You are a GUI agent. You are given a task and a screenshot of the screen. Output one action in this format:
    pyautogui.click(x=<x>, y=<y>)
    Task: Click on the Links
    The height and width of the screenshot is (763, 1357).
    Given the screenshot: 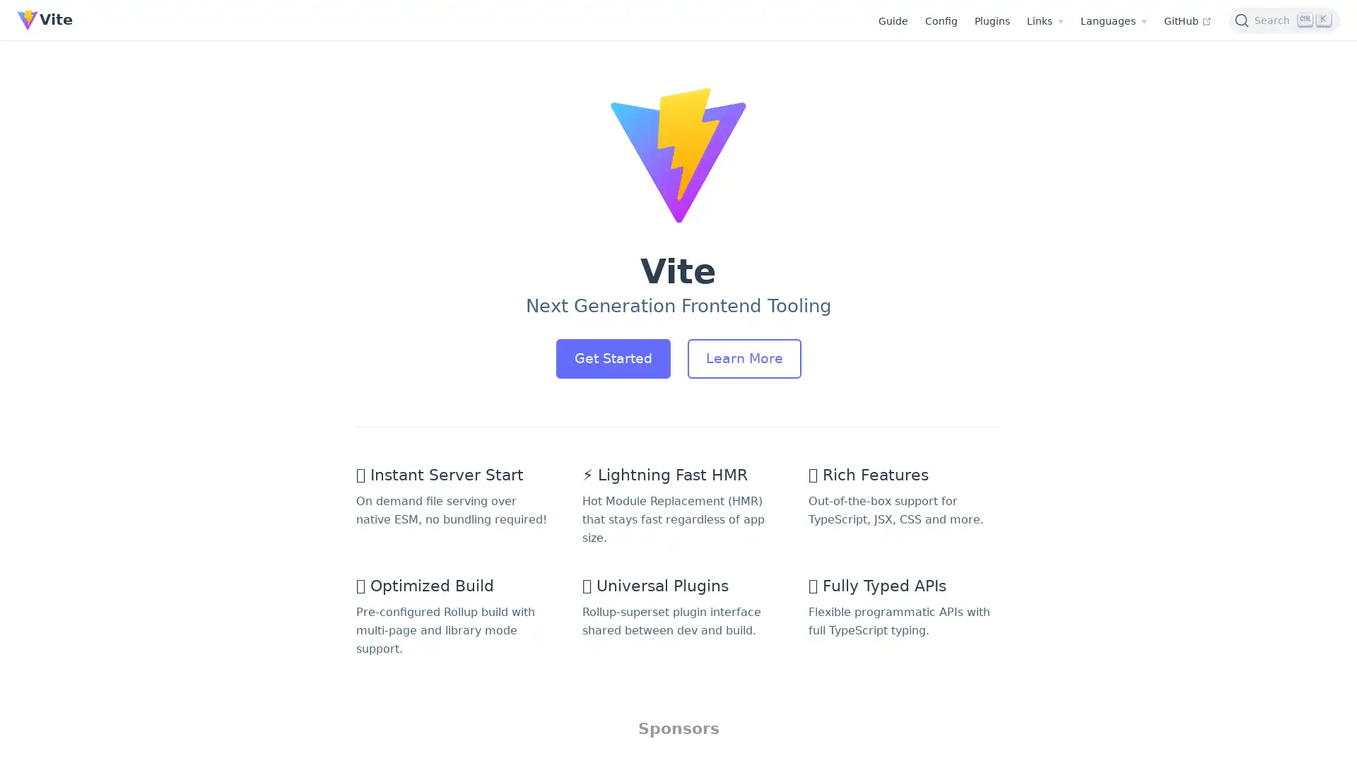 What is the action you would take?
    pyautogui.click(x=1045, y=21)
    